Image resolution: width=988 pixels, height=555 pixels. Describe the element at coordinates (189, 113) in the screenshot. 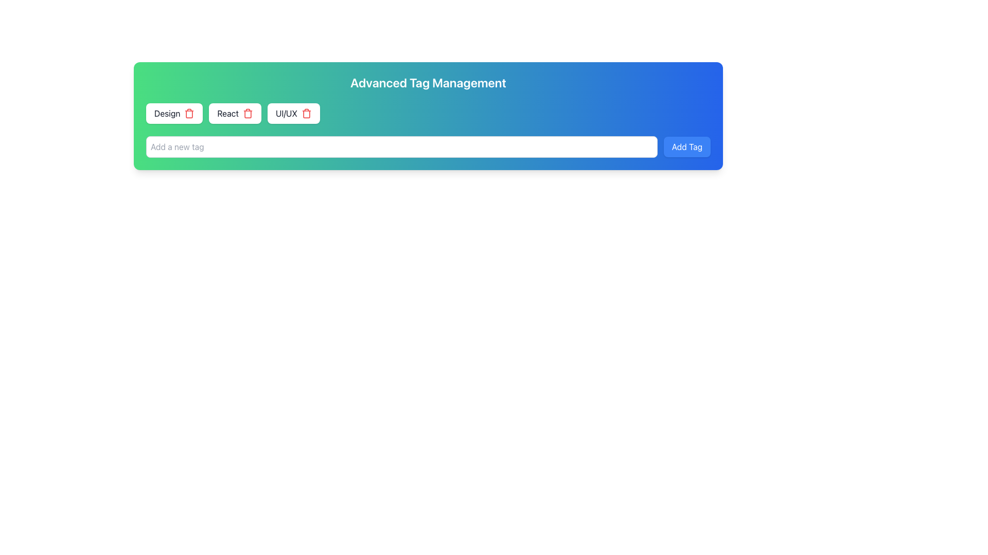

I see `the trash can icon button, styled in red, located to the right of the 'Design' label` at that location.